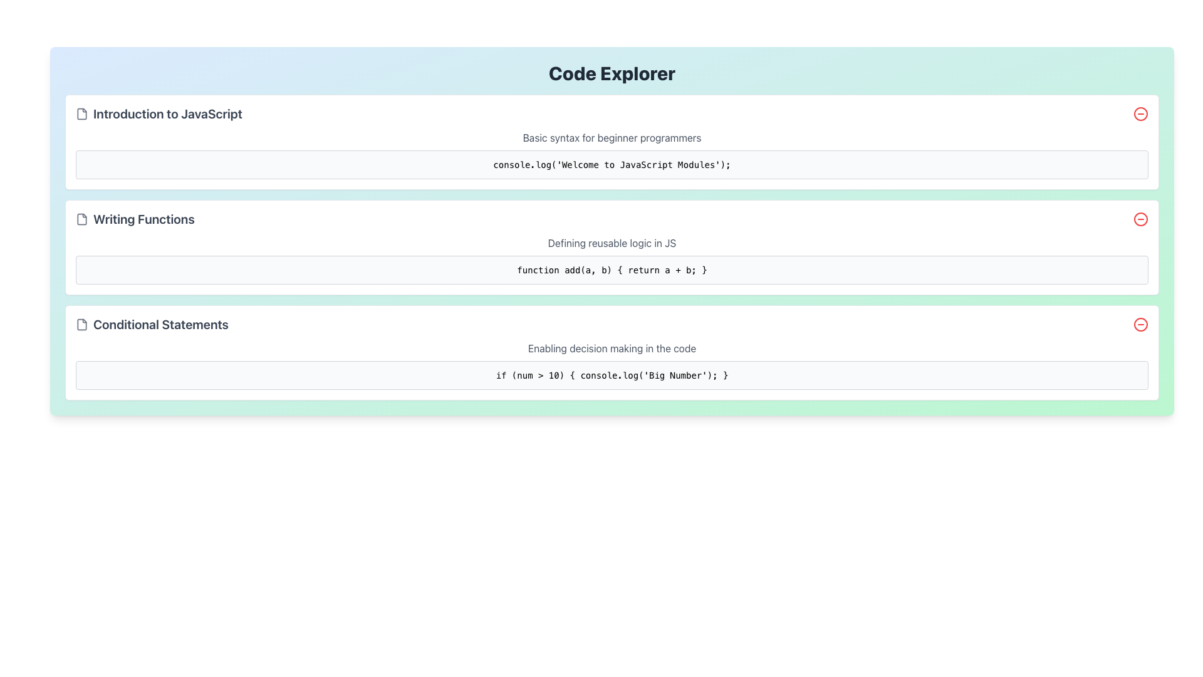  I want to click on the SVG Circle element that is part of the 'circle minus' icon located on the far right of the 'Writing Functions' row in the interface, so click(1140, 219).